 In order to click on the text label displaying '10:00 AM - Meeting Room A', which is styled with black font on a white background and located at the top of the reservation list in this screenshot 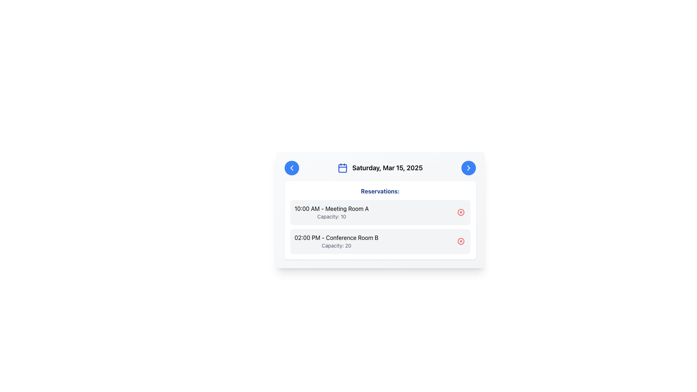, I will do `click(331, 208)`.